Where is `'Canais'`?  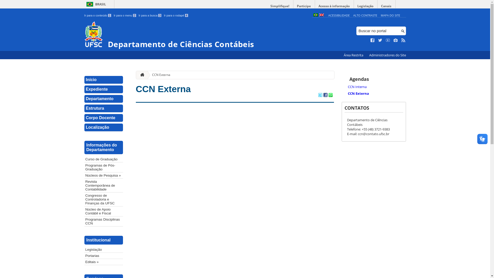
'Canais' is located at coordinates (386, 6).